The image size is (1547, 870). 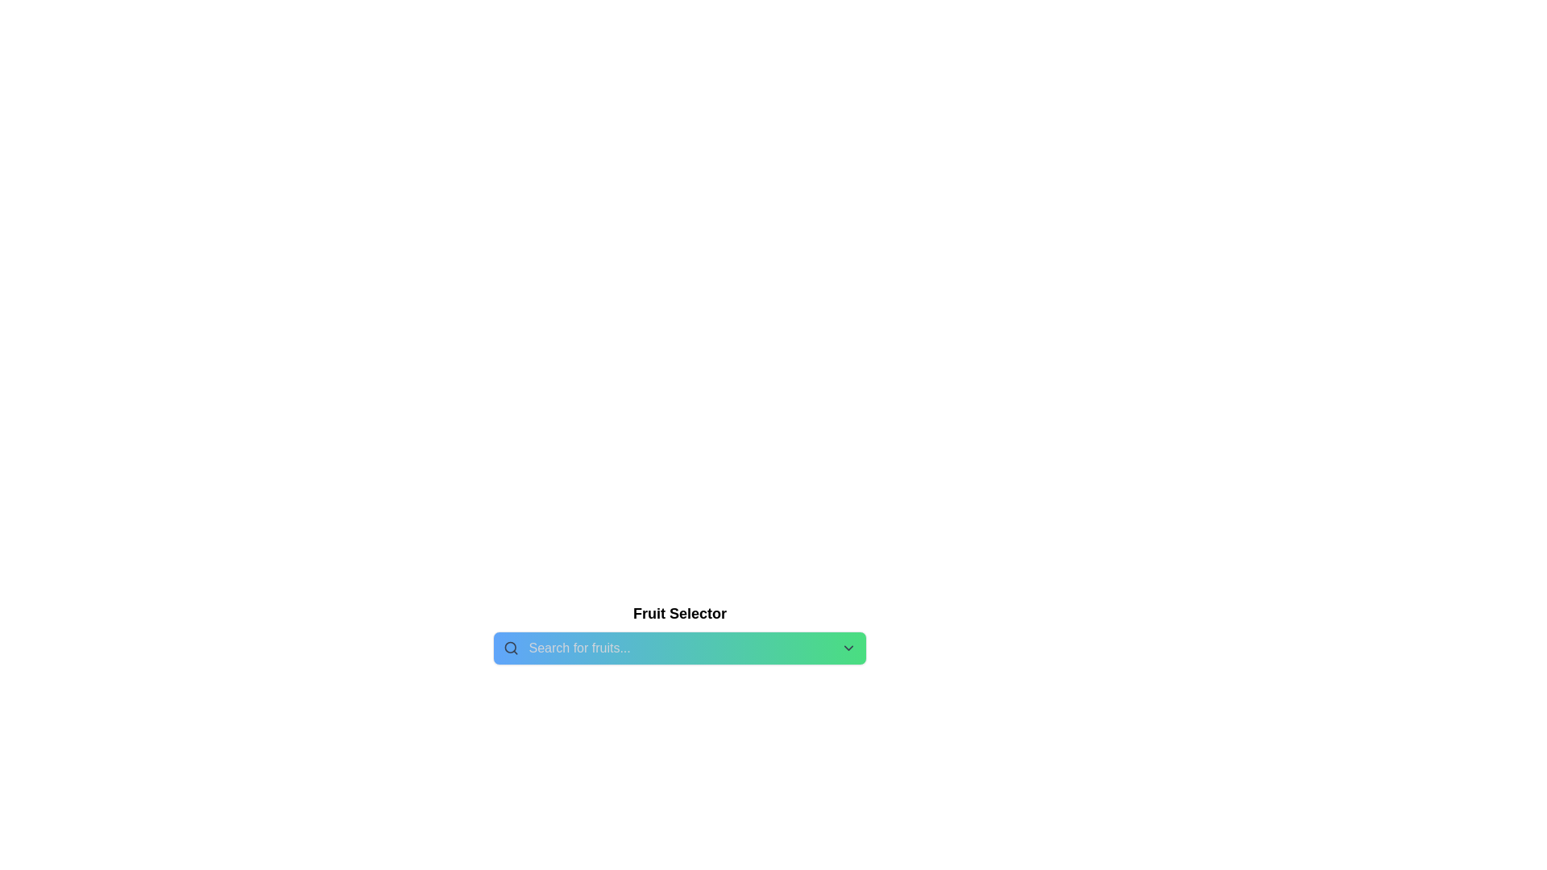 What do you see at coordinates (509, 647) in the screenshot?
I see `the magnifying glass icon's lens portion on the left side of the search bar` at bounding box center [509, 647].